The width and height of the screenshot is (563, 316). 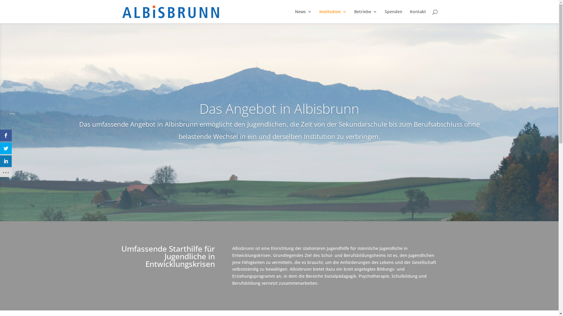 What do you see at coordinates (394, 16) in the screenshot?
I see `'Spenden'` at bounding box center [394, 16].